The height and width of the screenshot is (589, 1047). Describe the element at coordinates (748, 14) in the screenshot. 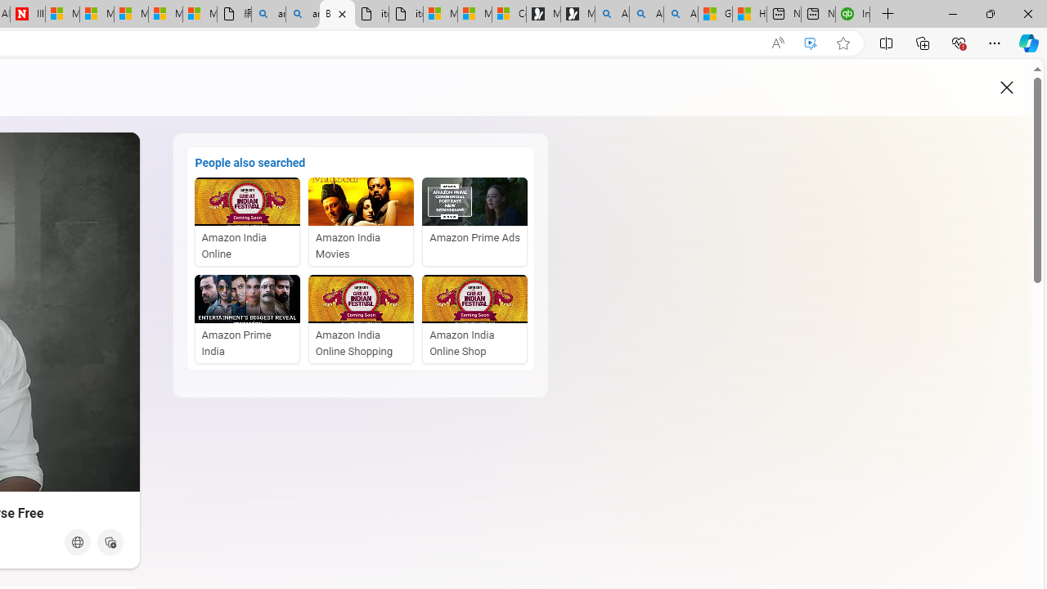

I see `'How to Use a TV as a Computer Monitor'` at that location.